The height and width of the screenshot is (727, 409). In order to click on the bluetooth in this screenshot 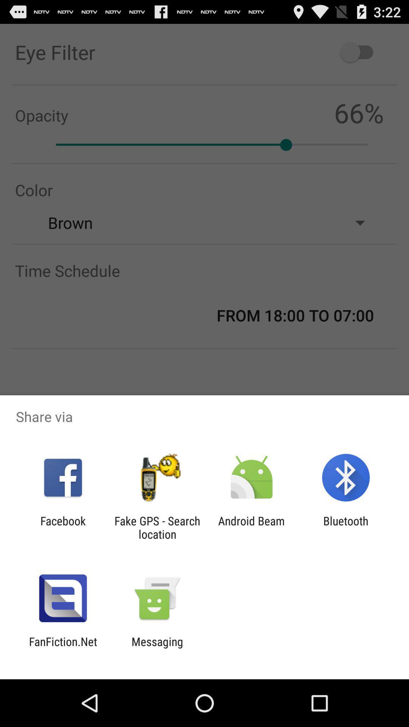, I will do `click(346, 527)`.